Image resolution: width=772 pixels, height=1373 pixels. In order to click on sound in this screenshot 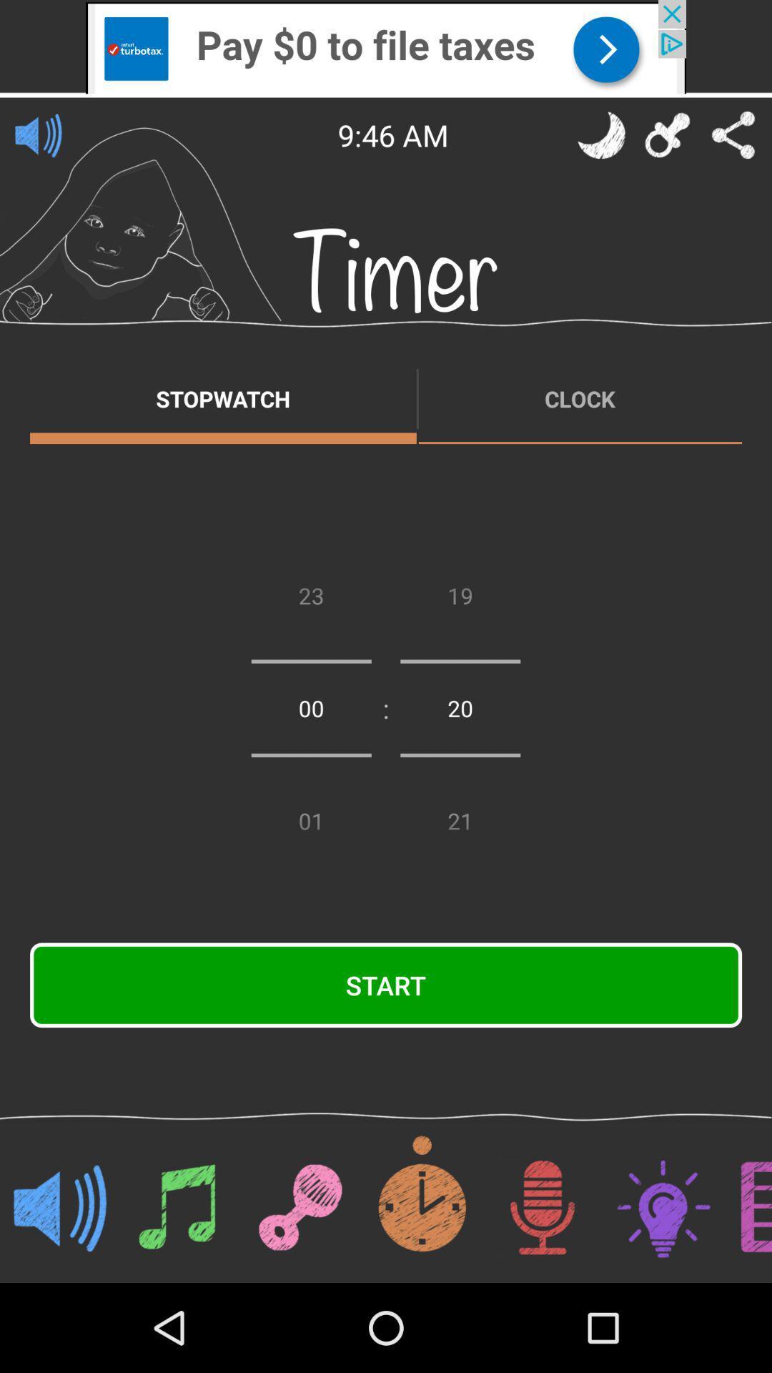, I will do `click(38, 134)`.